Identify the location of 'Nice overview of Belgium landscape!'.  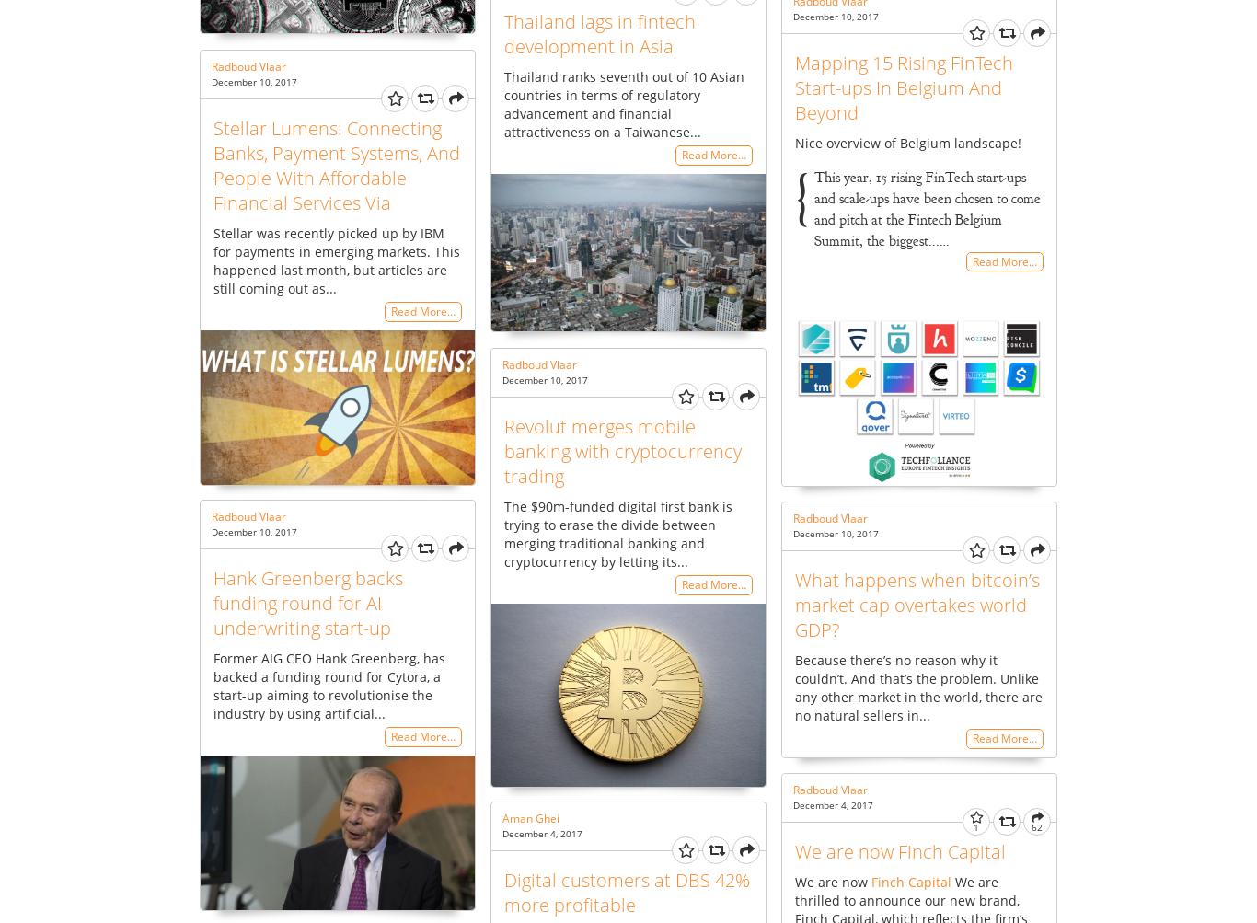
(907, 141).